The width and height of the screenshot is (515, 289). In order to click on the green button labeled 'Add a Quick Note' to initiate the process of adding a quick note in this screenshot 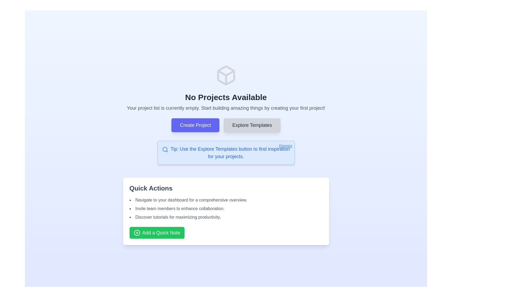, I will do `click(157, 233)`.